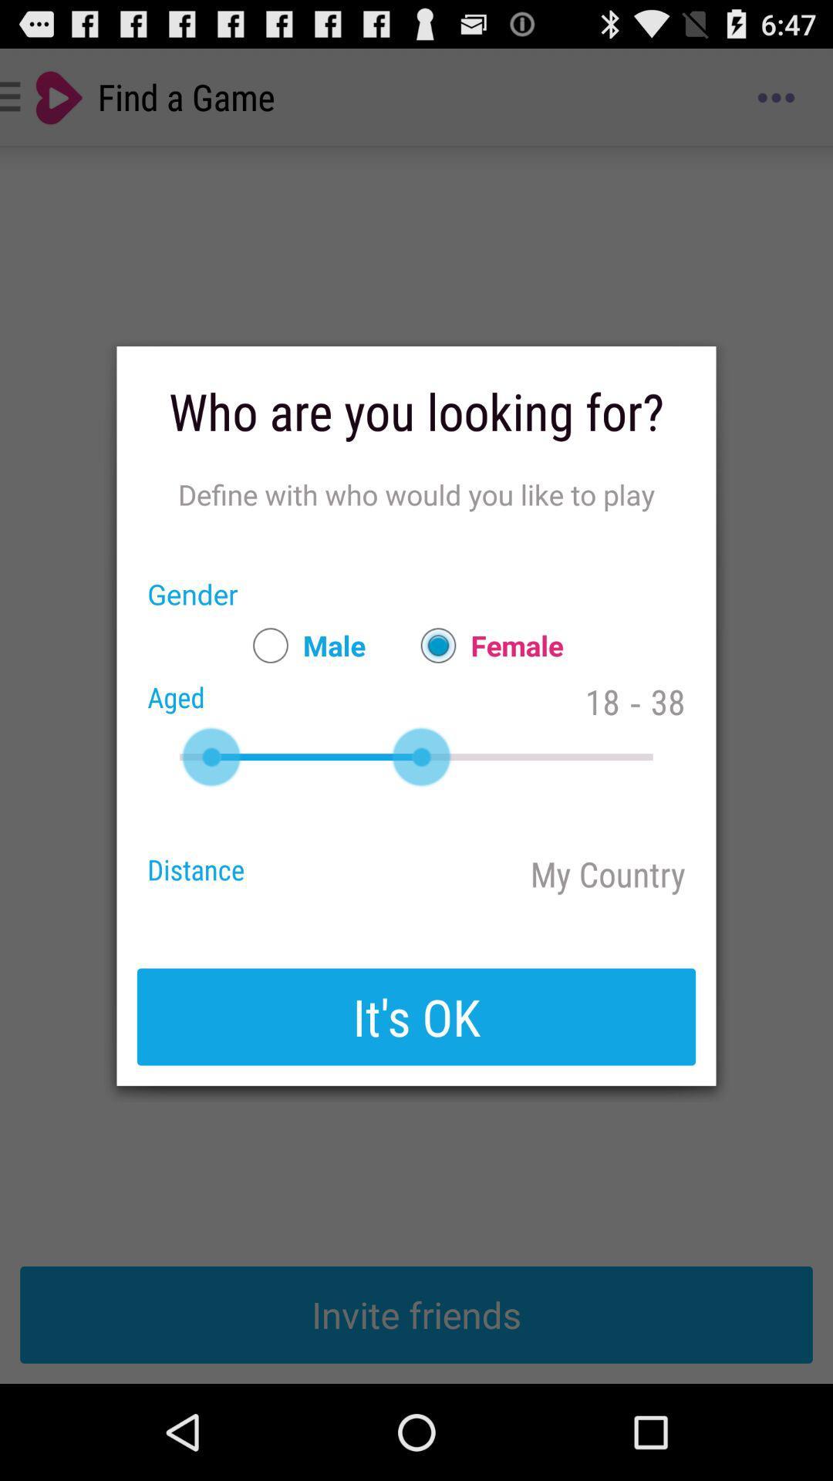 This screenshot has height=1481, width=833. What do you see at coordinates (302, 645) in the screenshot?
I see `item below the gender item` at bounding box center [302, 645].